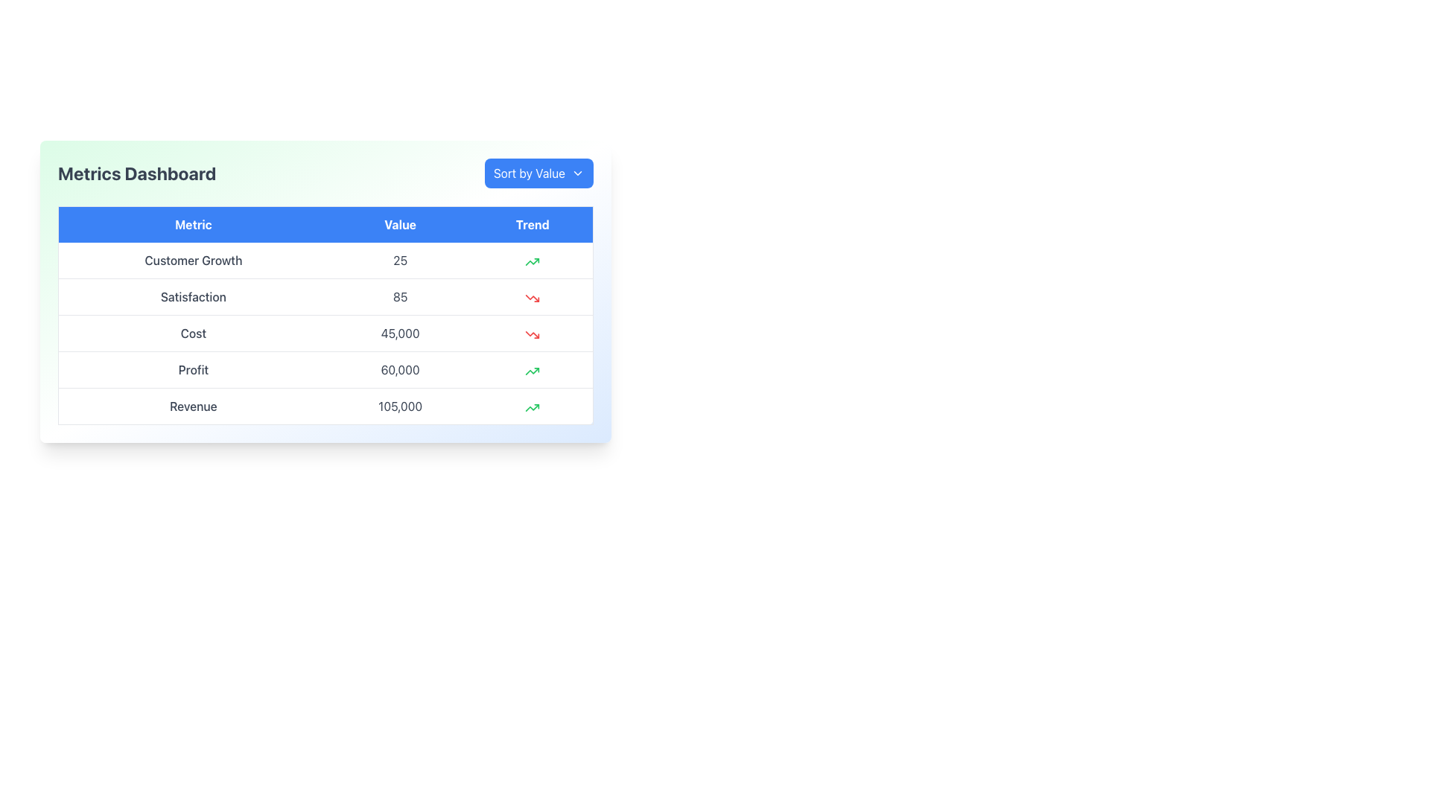 The width and height of the screenshot is (1430, 804). Describe the element at coordinates (538, 172) in the screenshot. I see `the sorting button located at the top-right corner of the interface, aligned horizontally with the 'Metrics Dashboard' title` at that location.